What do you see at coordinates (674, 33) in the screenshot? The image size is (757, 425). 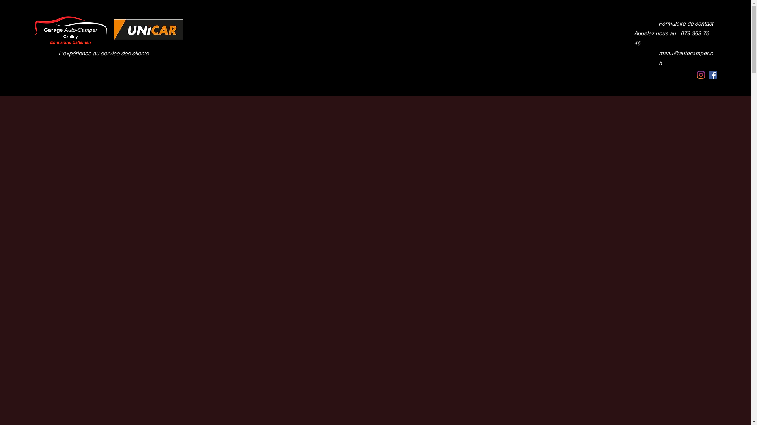 I see `'Appelez nous au : 079 353 76 46'` at bounding box center [674, 33].